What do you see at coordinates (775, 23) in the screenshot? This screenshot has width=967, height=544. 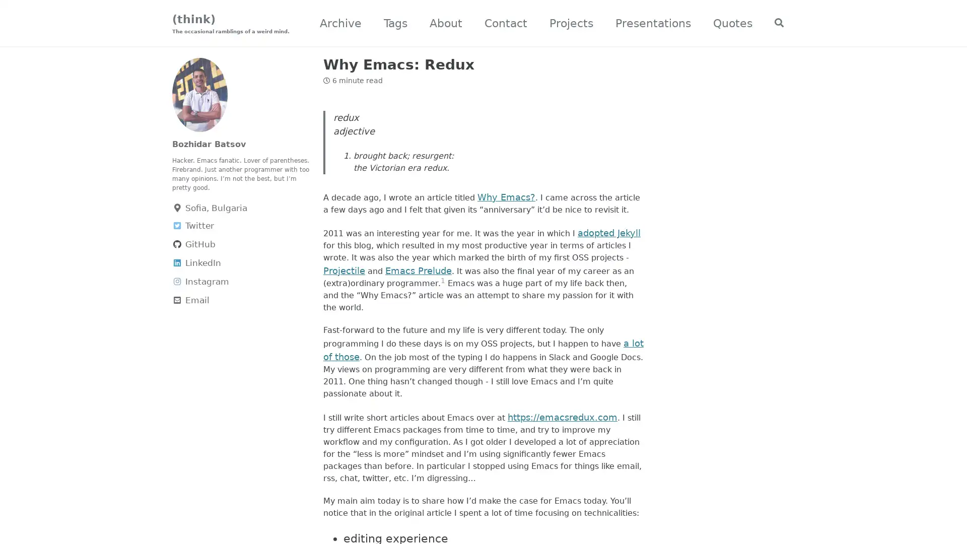 I see `Toggle search` at bounding box center [775, 23].